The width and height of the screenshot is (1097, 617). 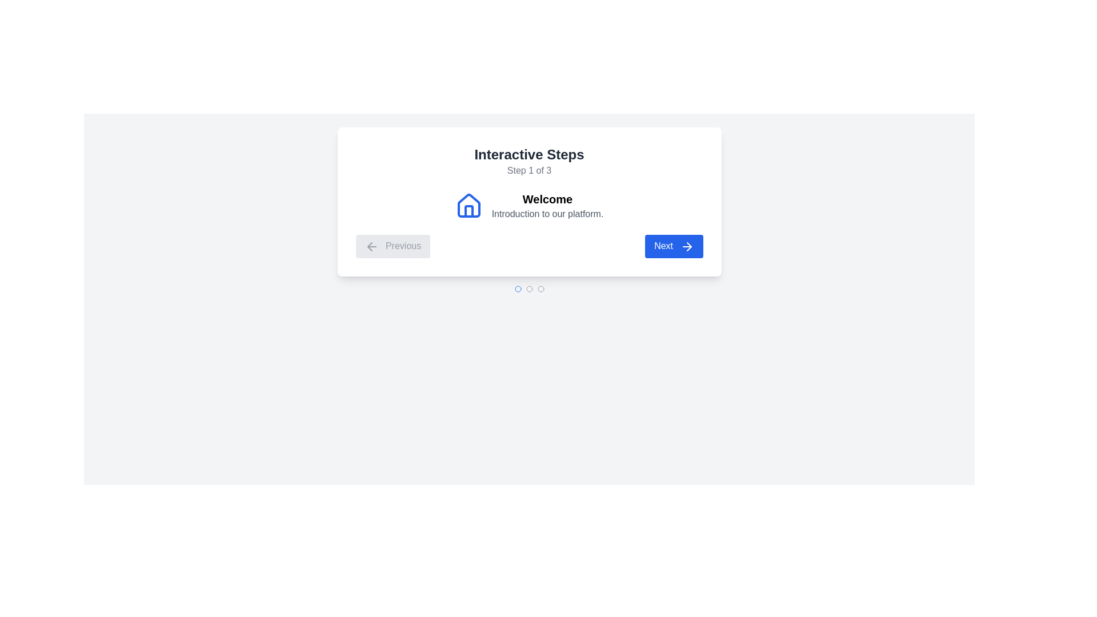 I want to click on the static text label displayed as a title, which indicates the current interface stage with the texts 'Interactive Steps' and 'Step 1 of 3', so click(x=529, y=154).